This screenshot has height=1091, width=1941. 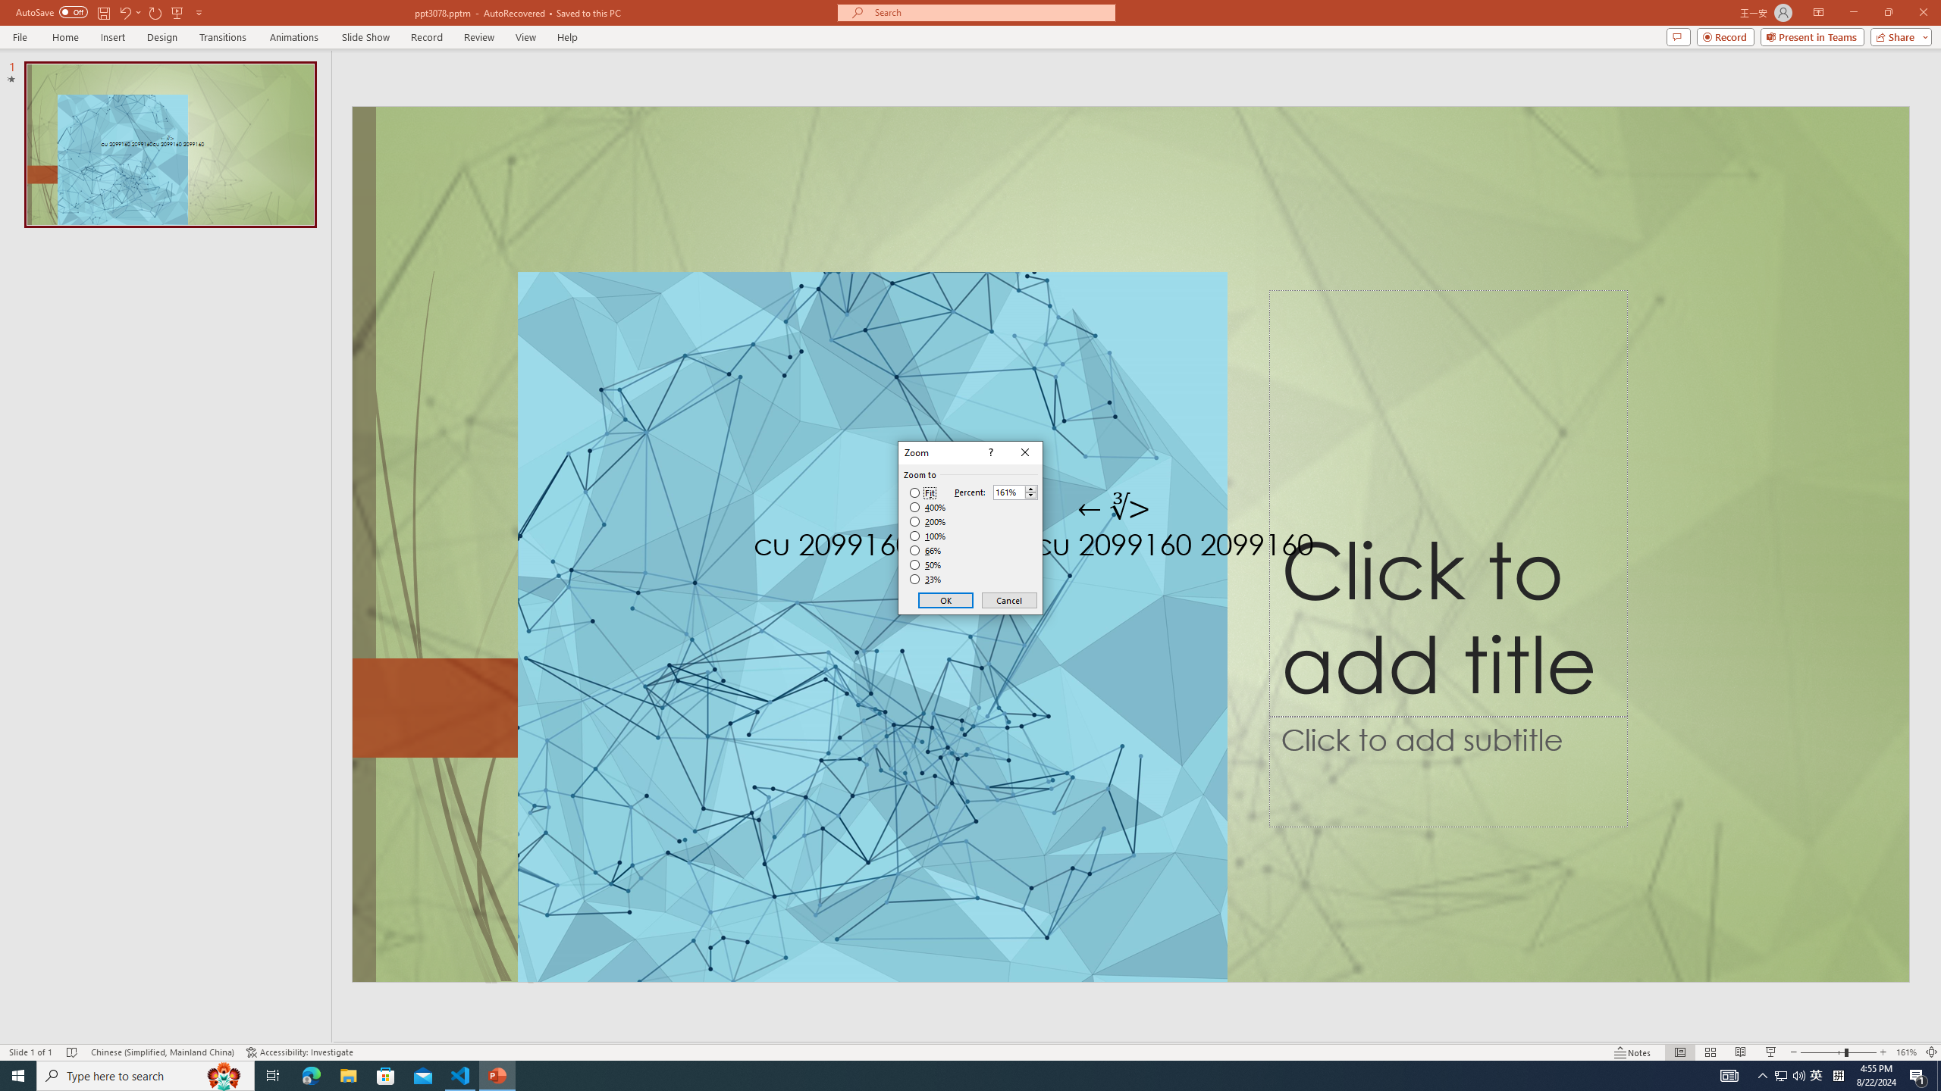 What do you see at coordinates (927, 580) in the screenshot?
I see `'33%'` at bounding box center [927, 580].